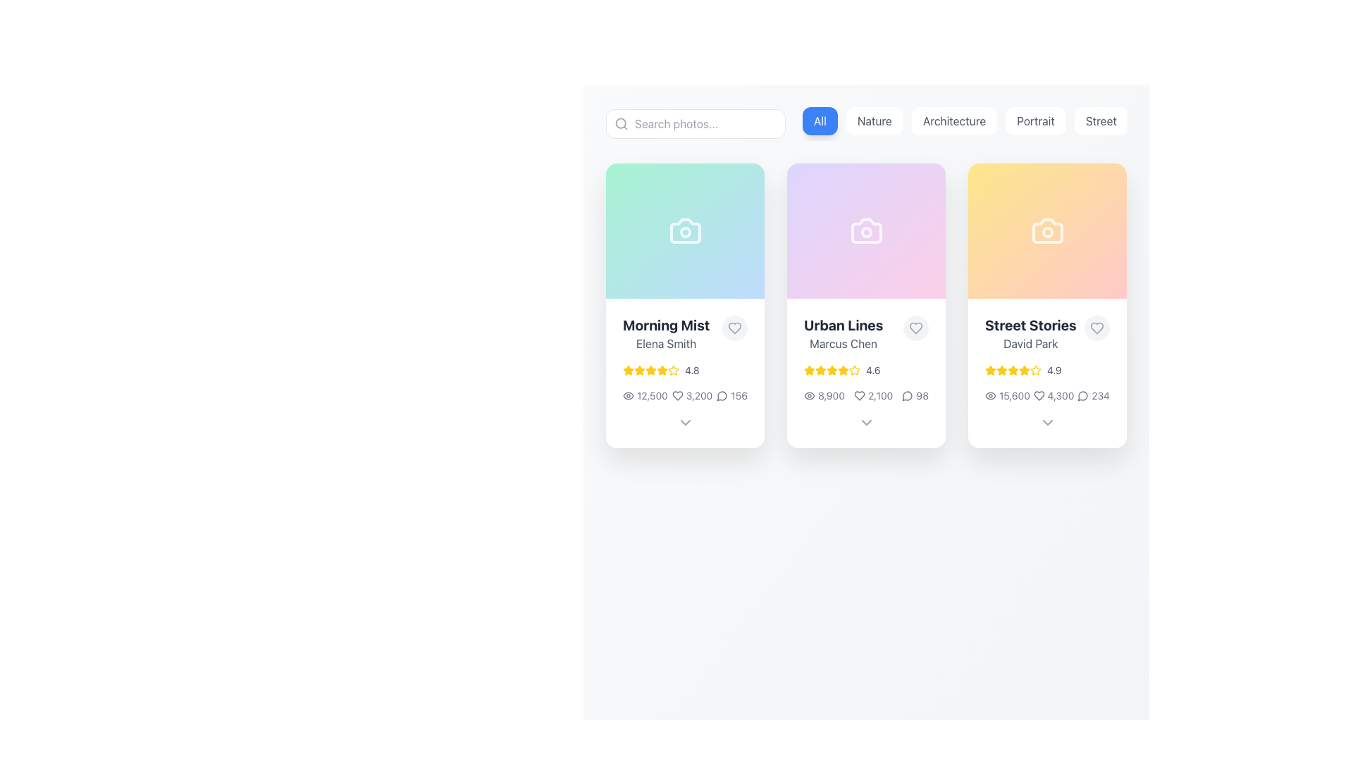  What do you see at coordinates (1096, 328) in the screenshot?
I see `the heart icon located in the upper right section of the third card titled 'Street Stories'` at bounding box center [1096, 328].